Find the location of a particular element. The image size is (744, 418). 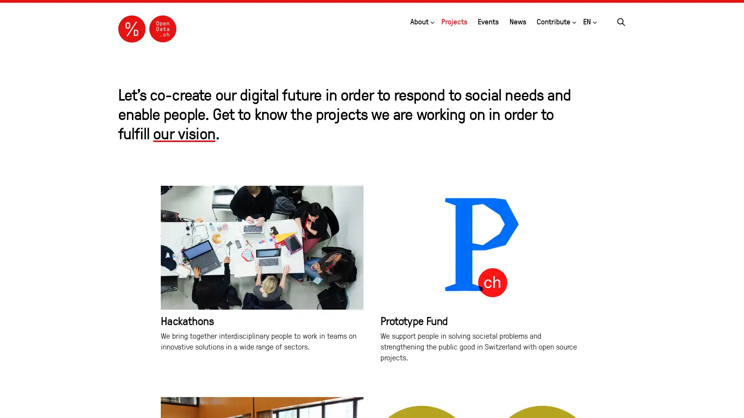

Search is located at coordinates (621, 21).